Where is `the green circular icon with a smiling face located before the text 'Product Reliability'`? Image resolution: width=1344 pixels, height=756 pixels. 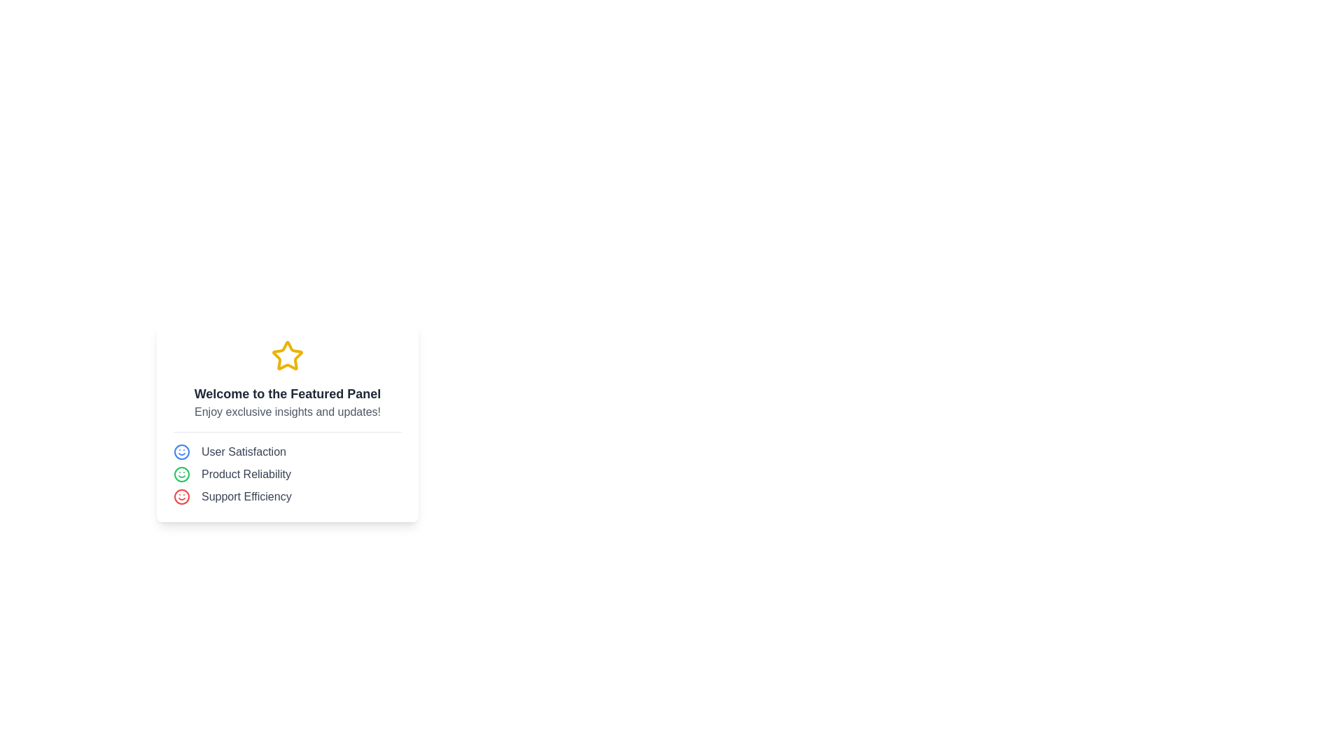
the green circular icon with a smiling face located before the text 'Product Reliability' is located at coordinates (181, 473).